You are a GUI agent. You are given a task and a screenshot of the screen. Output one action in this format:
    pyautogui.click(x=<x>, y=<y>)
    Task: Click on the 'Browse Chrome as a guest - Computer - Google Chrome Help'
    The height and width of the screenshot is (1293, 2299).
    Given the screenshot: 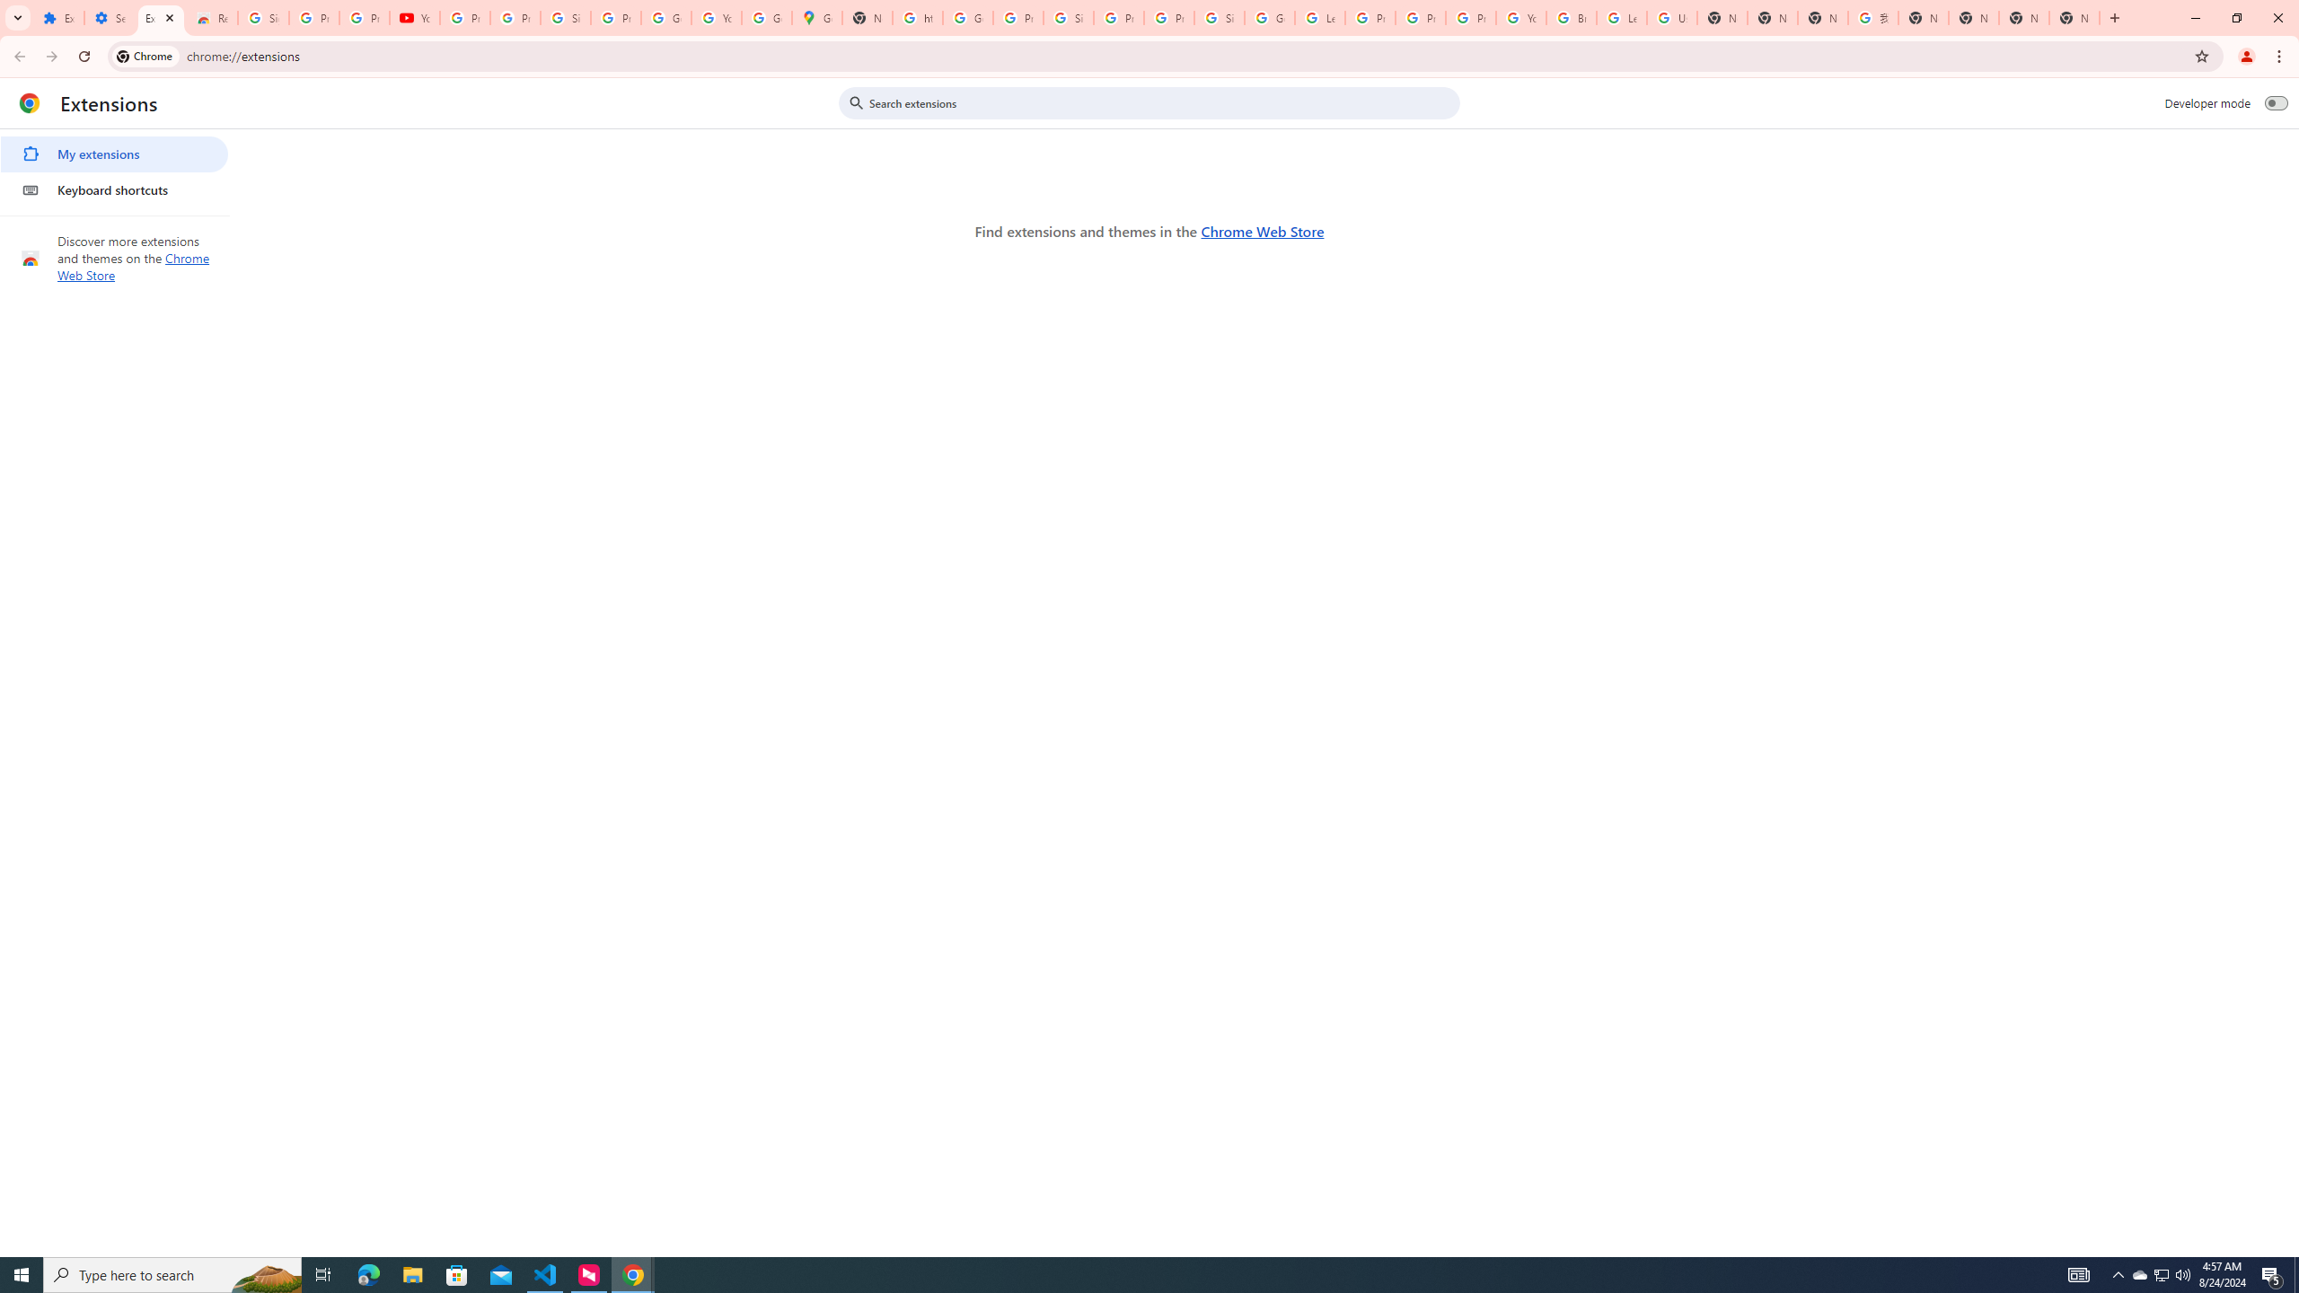 What is the action you would take?
    pyautogui.click(x=1570, y=17)
    